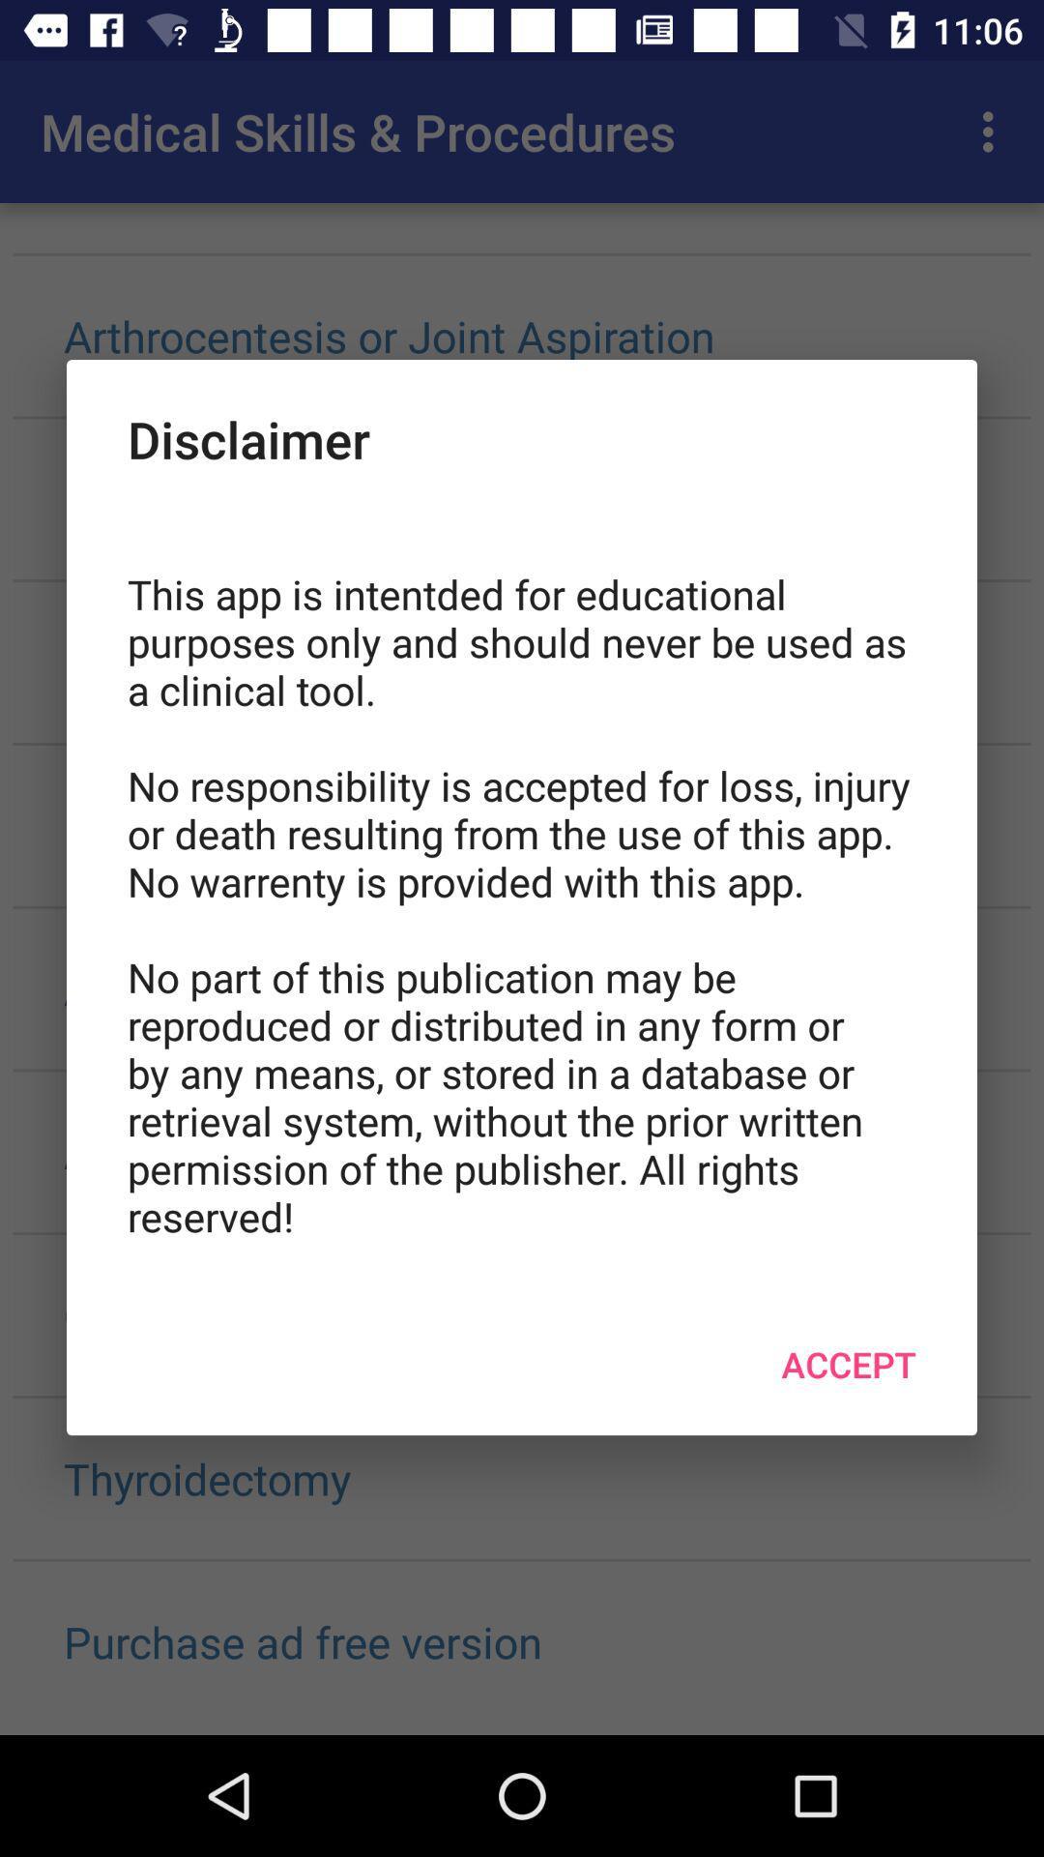 This screenshot has height=1857, width=1044. I want to click on item below the this app is icon, so click(848, 1363).